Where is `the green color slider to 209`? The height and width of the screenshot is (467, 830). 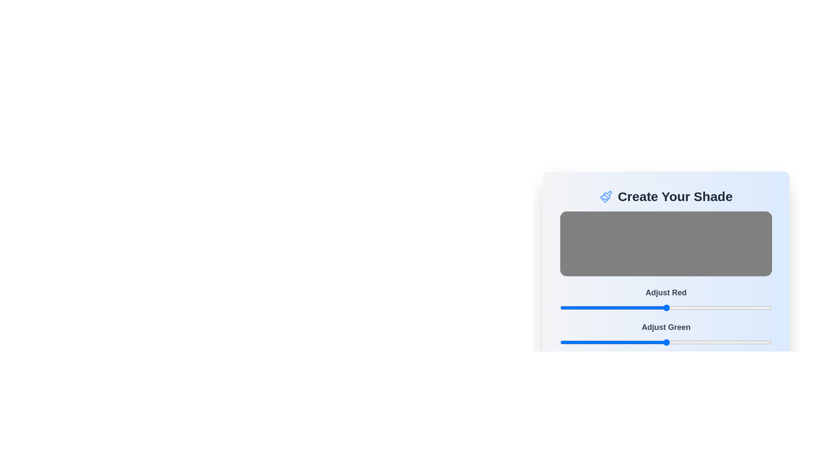 the green color slider to 209 is located at coordinates (733, 342).